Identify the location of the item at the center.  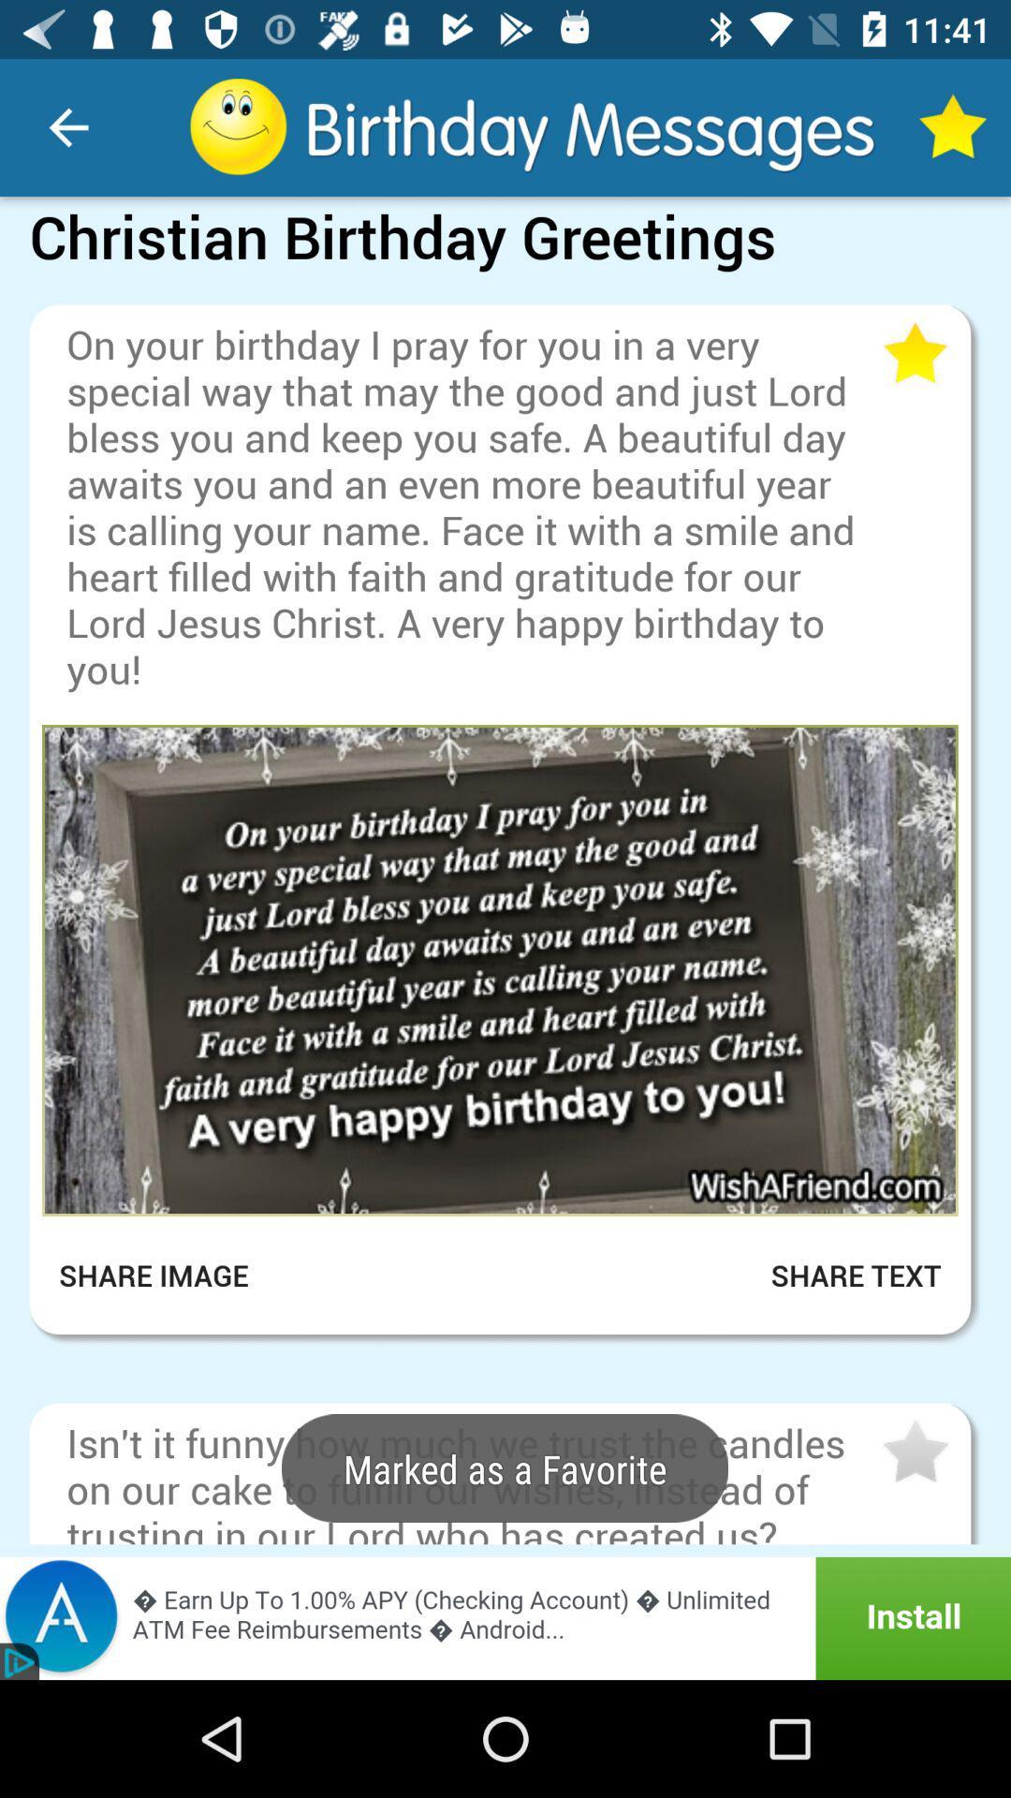
(499, 970).